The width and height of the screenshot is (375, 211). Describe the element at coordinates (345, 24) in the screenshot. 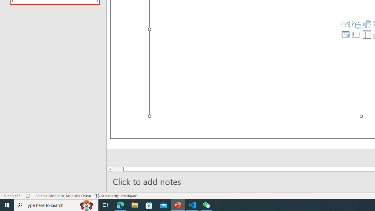

I see `'Stock Images'` at that location.